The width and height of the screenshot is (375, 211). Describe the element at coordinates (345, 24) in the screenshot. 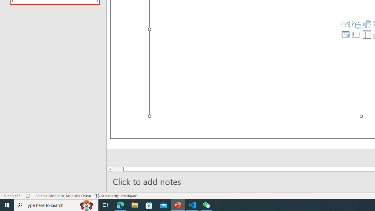

I see `'Stock Images'` at that location.